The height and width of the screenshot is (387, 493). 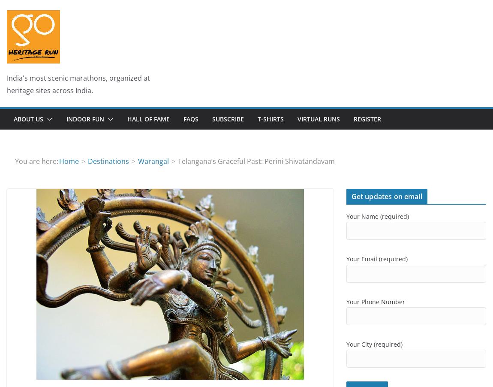 I want to click on 'Your Name (required)', so click(x=377, y=216).